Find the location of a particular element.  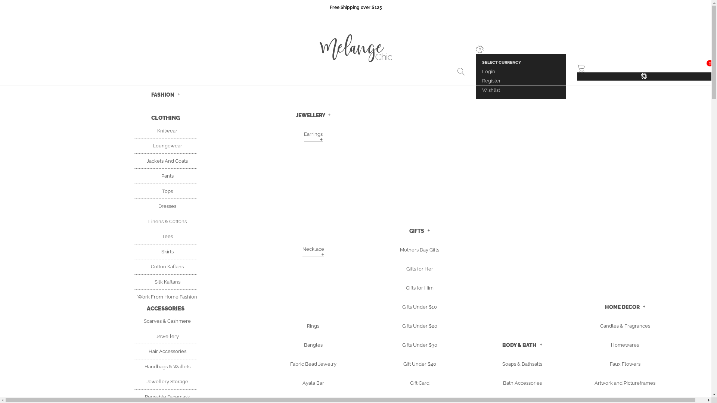

'Gifts Under $10' is located at coordinates (419, 307).